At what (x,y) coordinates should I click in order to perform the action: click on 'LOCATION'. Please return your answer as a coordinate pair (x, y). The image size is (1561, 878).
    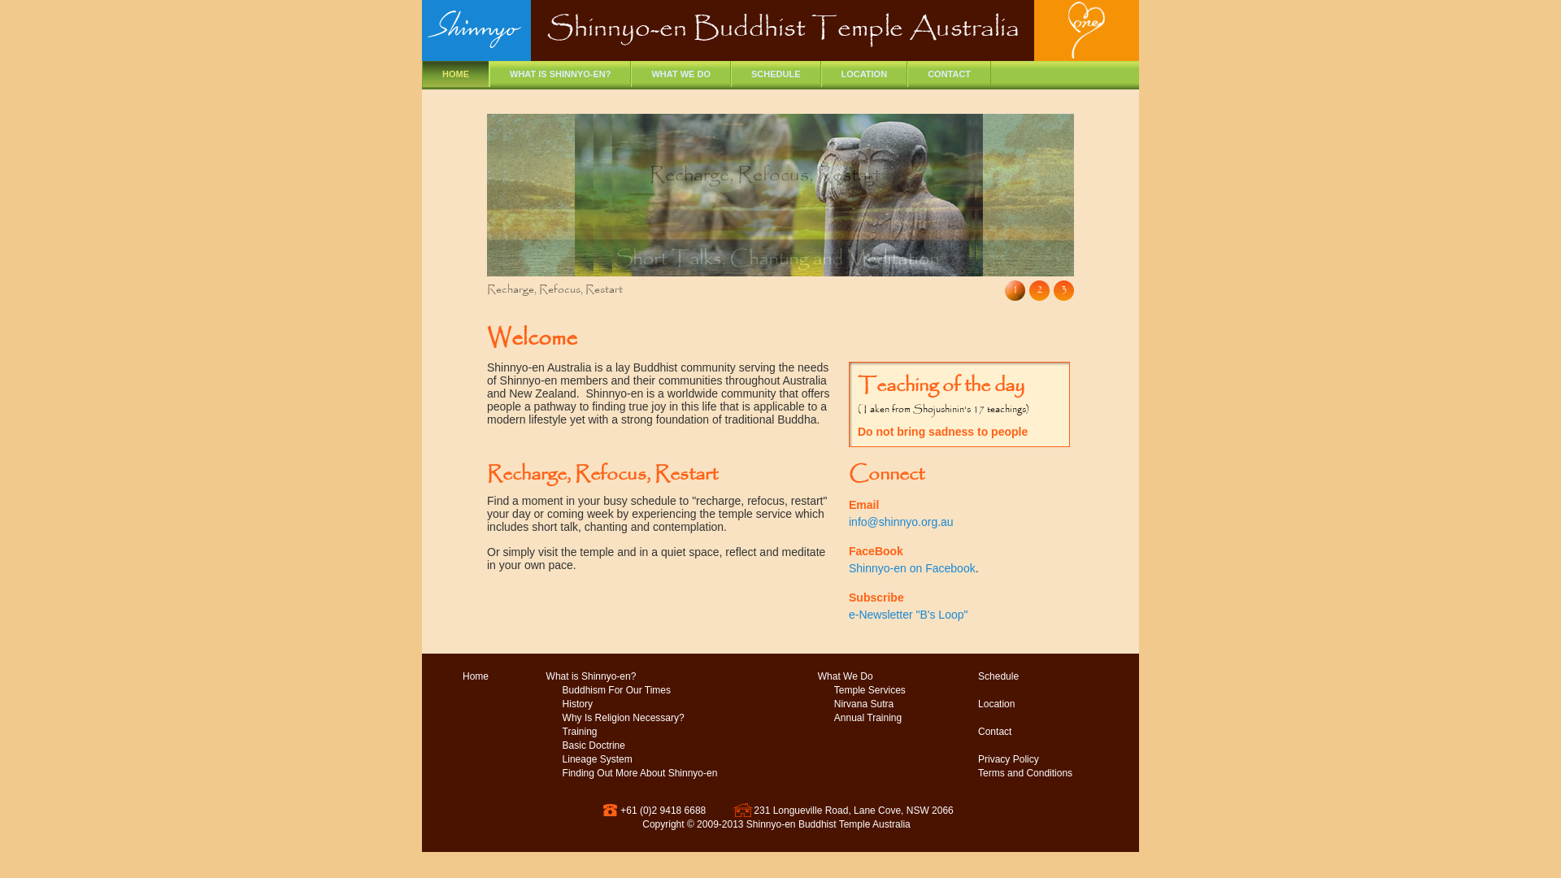
    Looking at the image, I should click on (820, 74).